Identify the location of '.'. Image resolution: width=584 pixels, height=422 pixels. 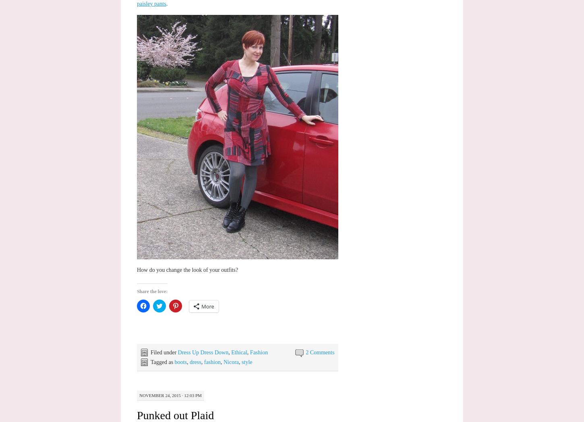
(166, 3).